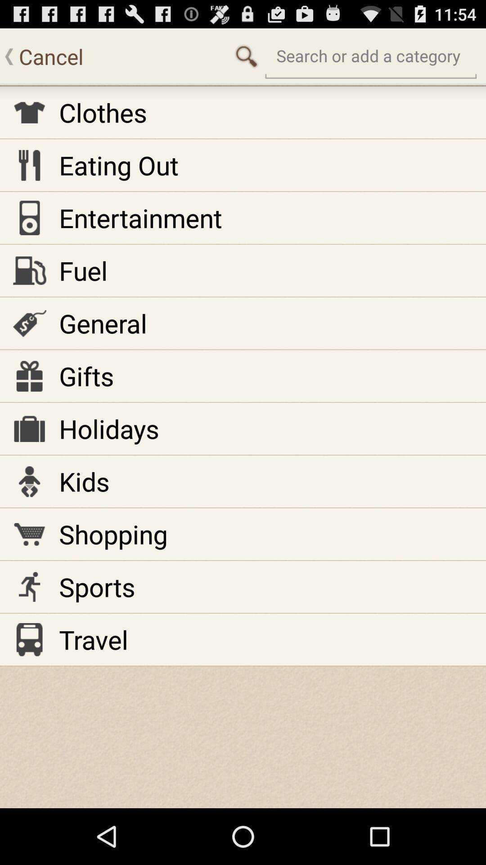  What do you see at coordinates (140, 218) in the screenshot?
I see `the entertainment icon` at bounding box center [140, 218].